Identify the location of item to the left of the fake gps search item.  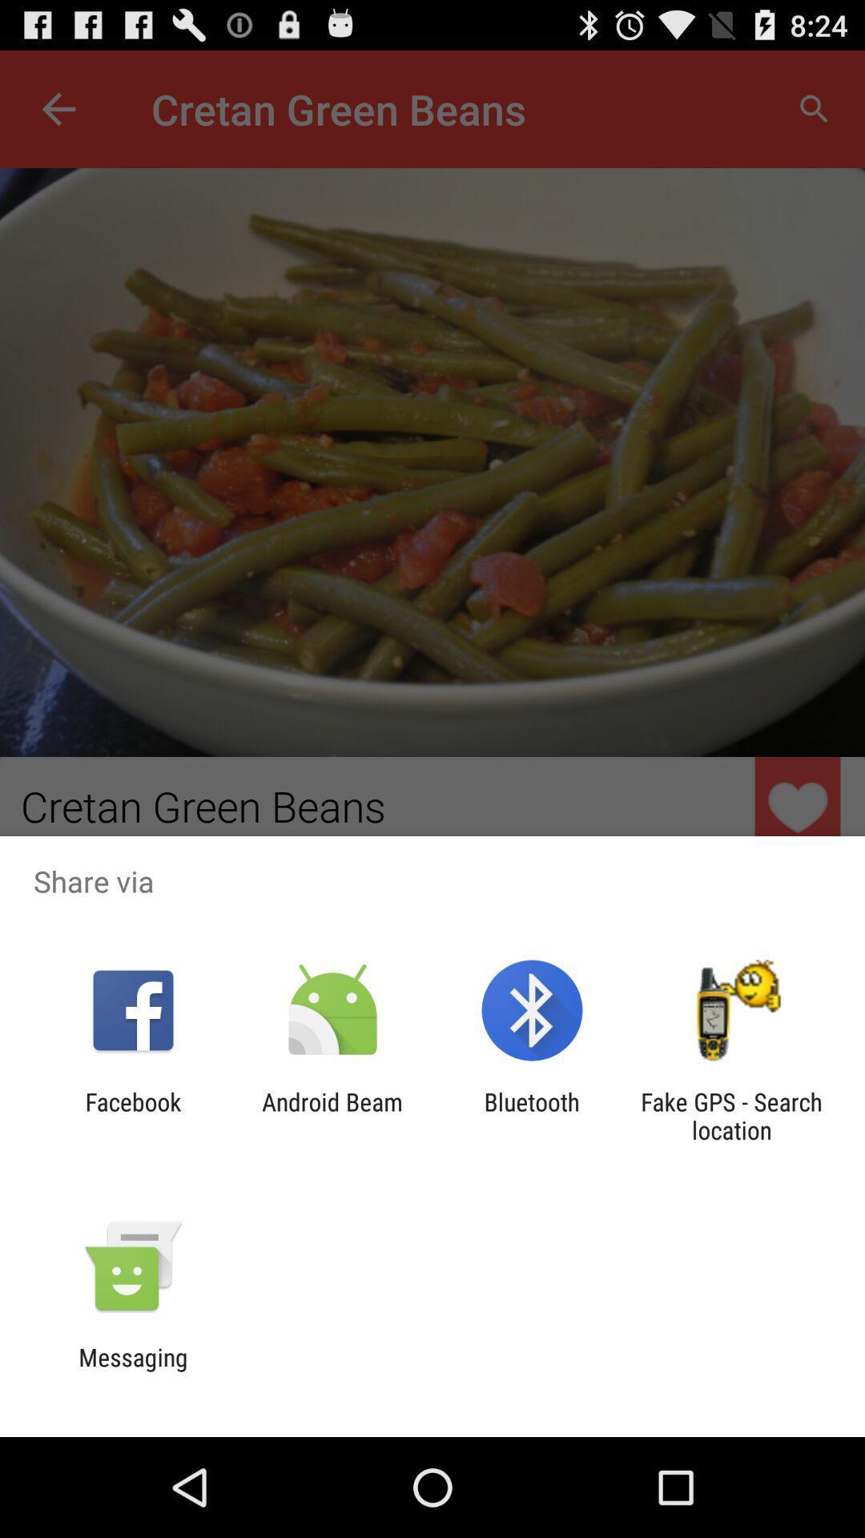
(532, 1115).